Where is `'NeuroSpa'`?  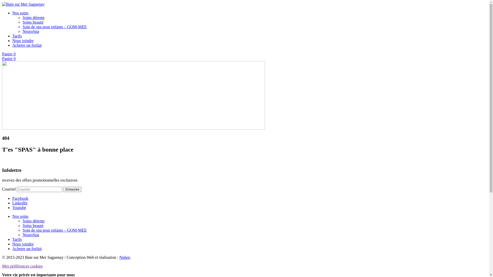
'NeuroSpa' is located at coordinates (31, 31).